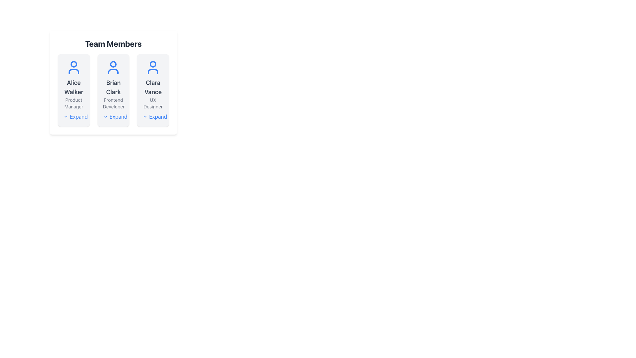 Image resolution: width=636 pixels, height=358 pixels. What do you see at coordinates (74, 103) in the screenshot?
I see `the job title label located below 'Alice Walker' and above the 'Expand' link in the middle-left card of the 'Team Members' section` at bounding box center [74, 103].